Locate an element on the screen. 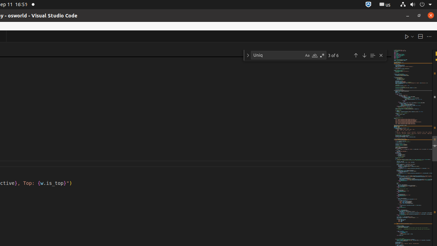 This screenshot has height=246, width=437. 'Match Whole Word (Alt+W)' is located at coordinates (314, 55).